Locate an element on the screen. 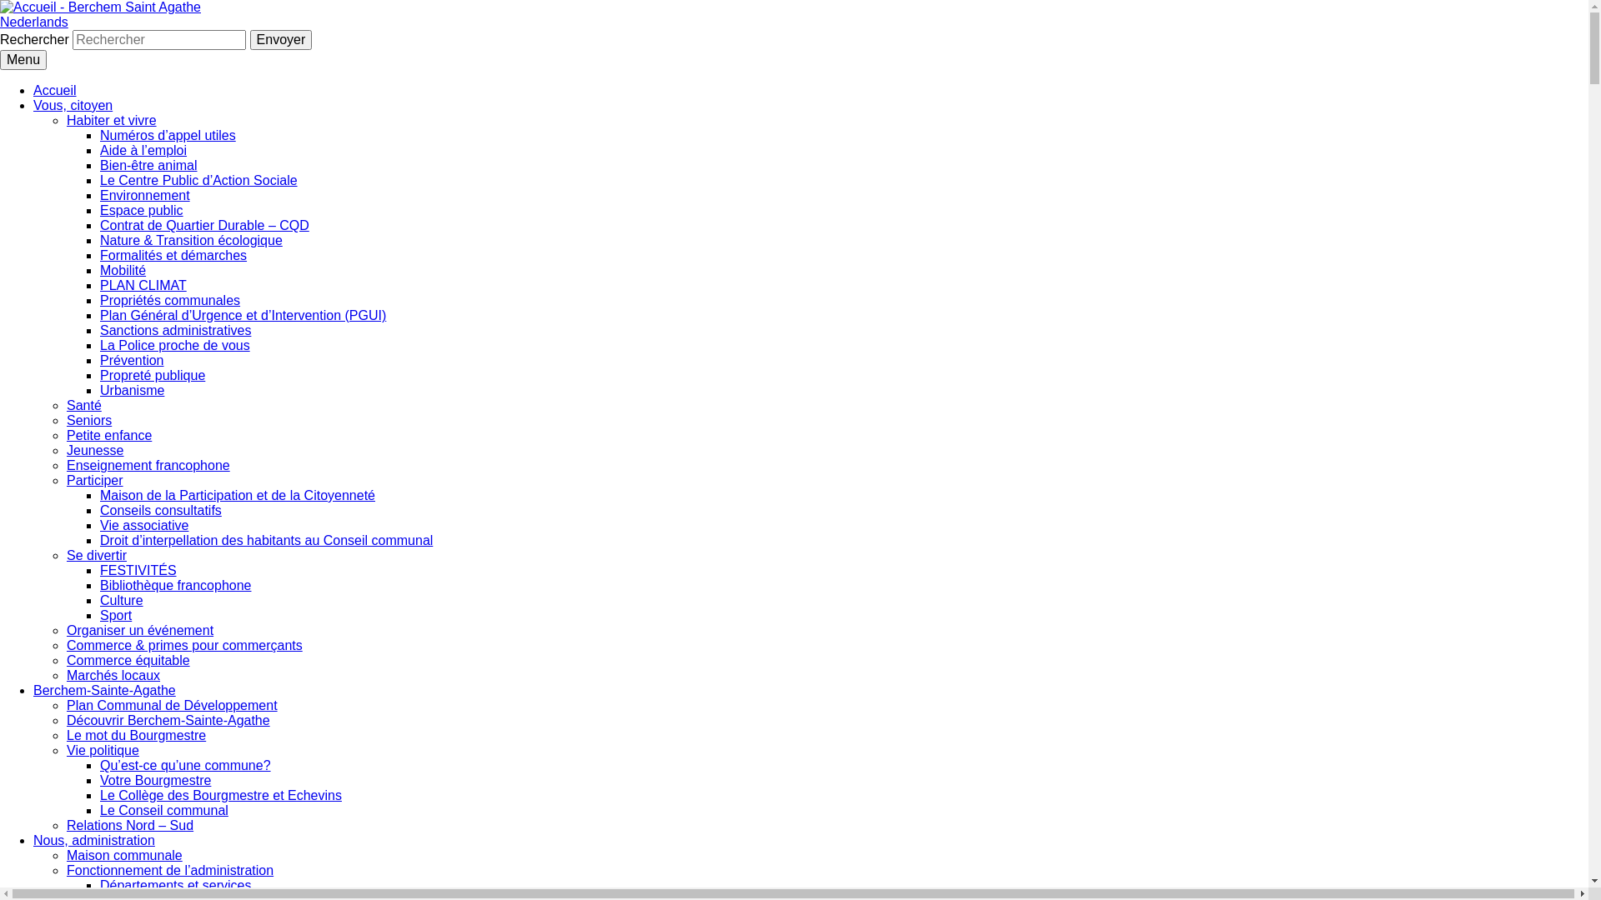  'Petite enfance' is located at coordinates (67, 434).